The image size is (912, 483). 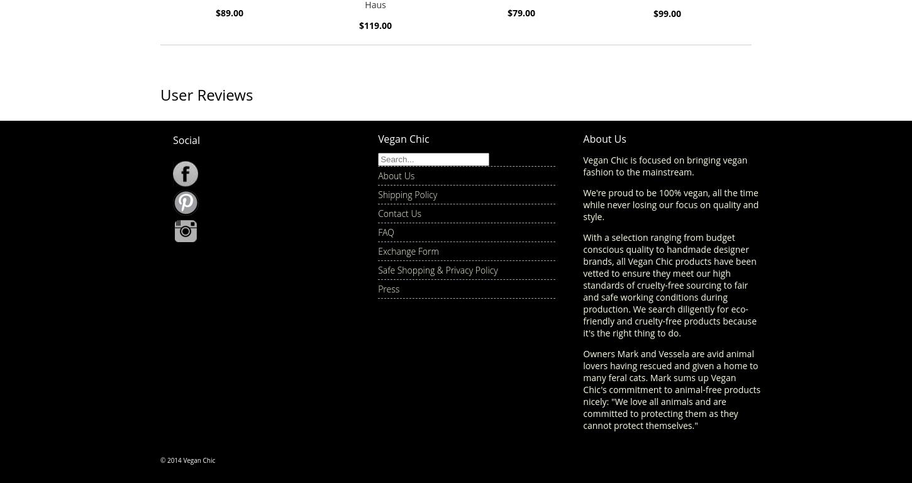 What do you see at coordinates (670, 284) in the screenshot?
I see `'With a selection ranging from budget conscious quality to handmade designer brands, all Vegan
		    Chic products have been vetted to ensure they meet our high standards of cruelty-free sourcing 
		    to fair and safe working conditions during production. We search diligently for eco-friendly 
		    and cruelty-free products because it's the right thing to do.'` at bounding box center [670, 284].